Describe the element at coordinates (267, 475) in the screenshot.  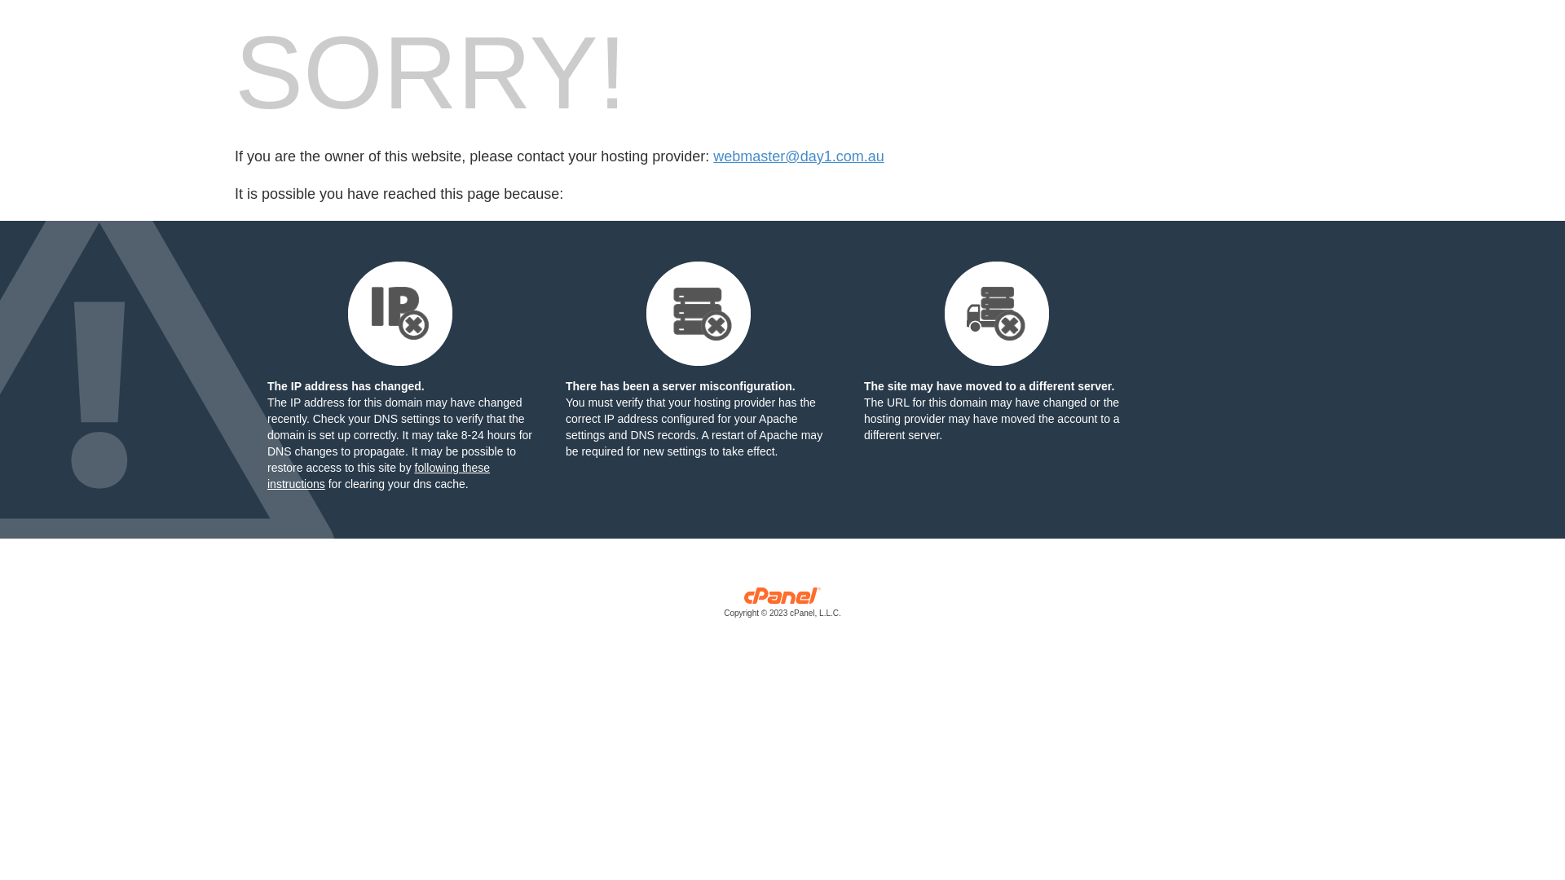
I see `'following these instructions'` at that location.